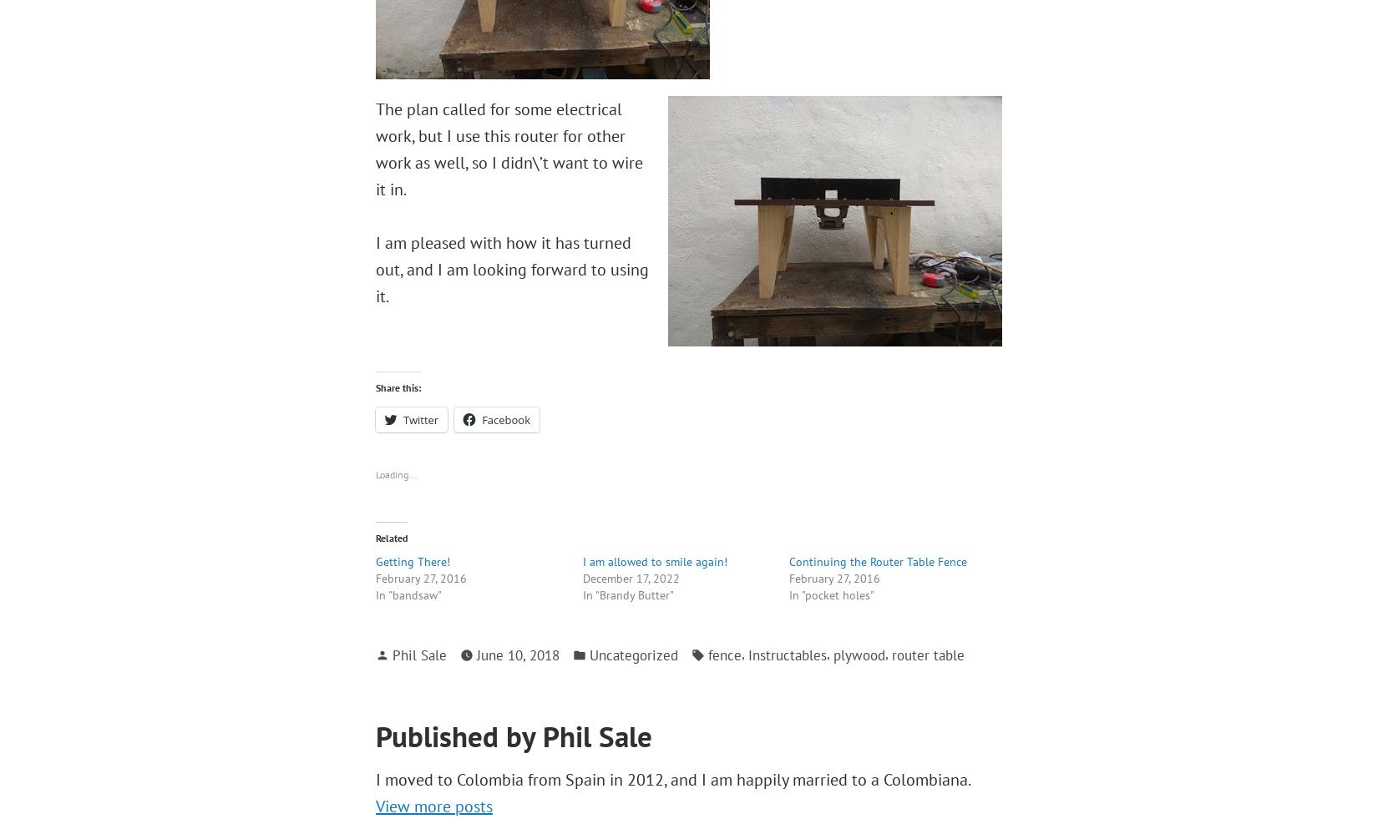  What do you see at coordinates (707, 654) in the screenshot?
I see `'fence'` at bounding box center [707, 654].